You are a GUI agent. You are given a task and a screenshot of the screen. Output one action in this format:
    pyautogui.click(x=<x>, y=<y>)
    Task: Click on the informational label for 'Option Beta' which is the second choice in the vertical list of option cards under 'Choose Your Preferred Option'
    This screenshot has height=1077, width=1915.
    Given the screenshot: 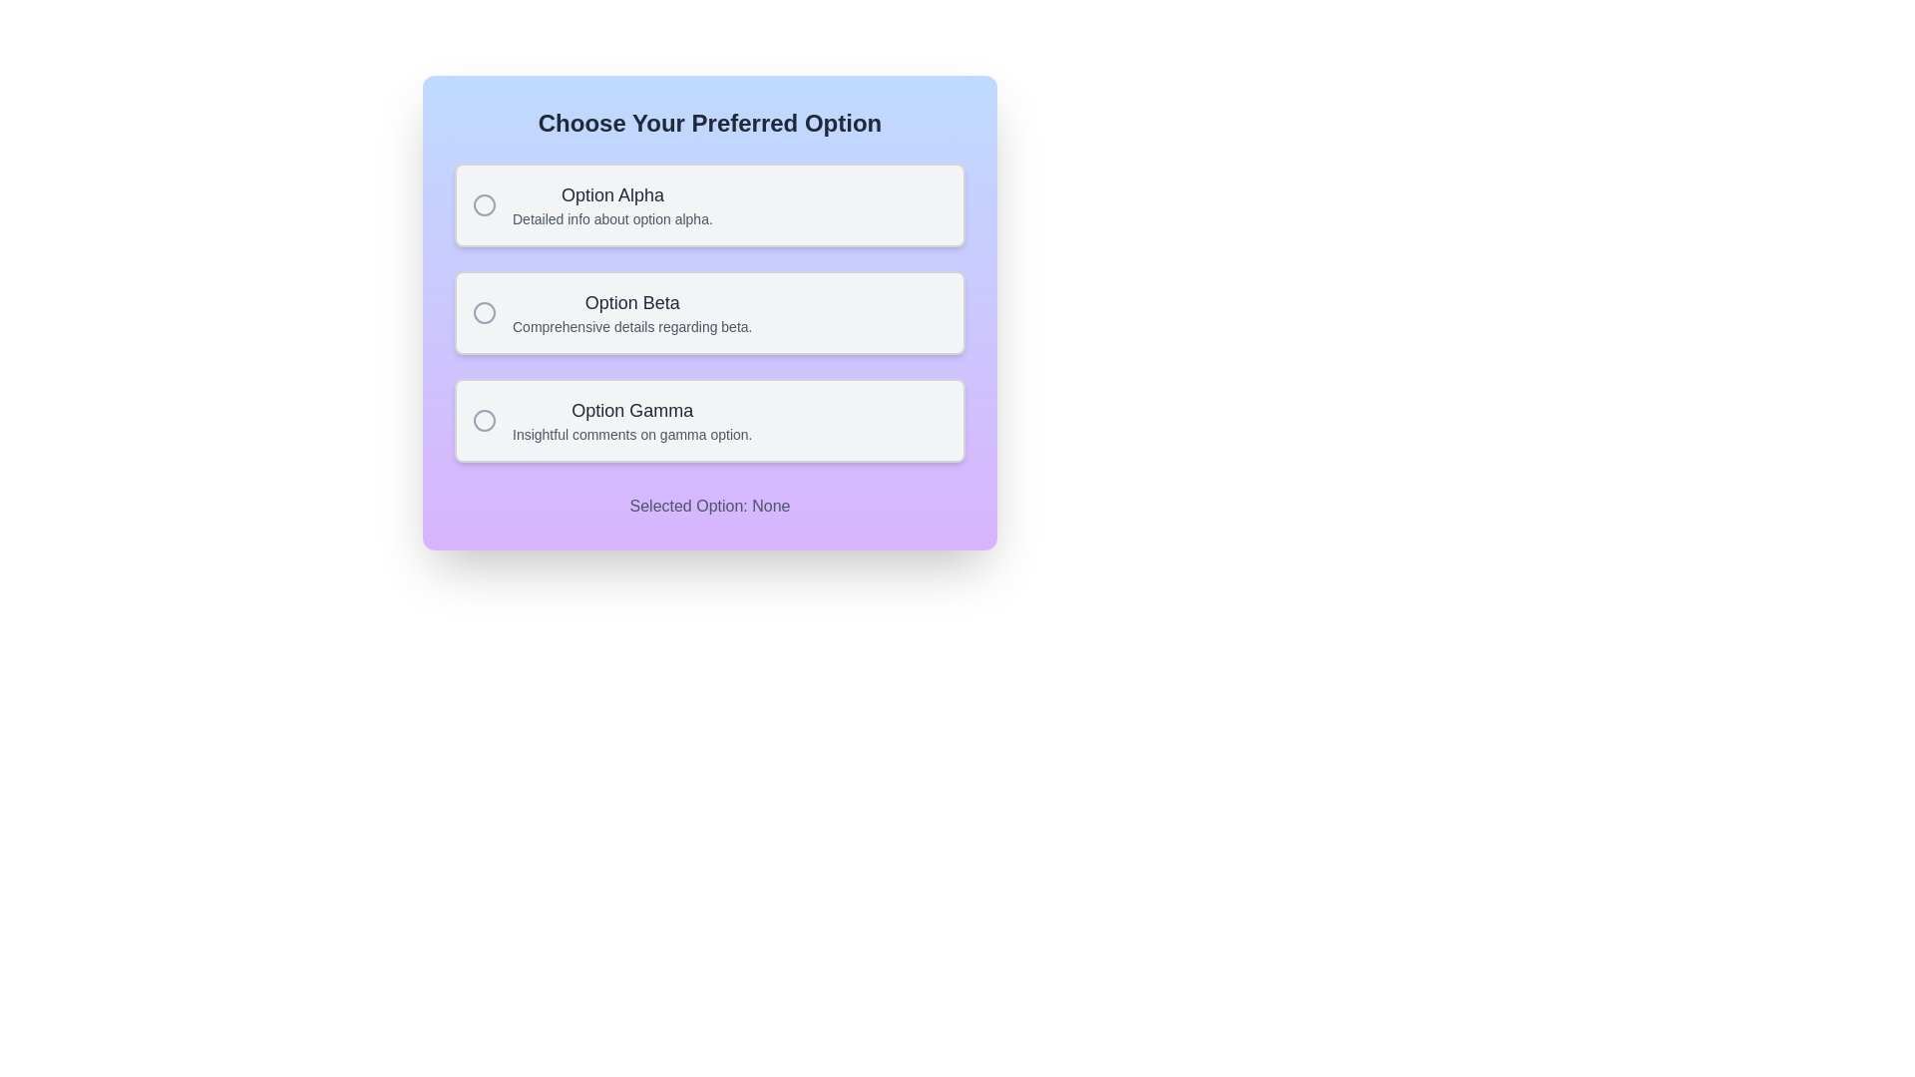 What is the action you would take?
    pyautogui.click(x=631, y=312)
    